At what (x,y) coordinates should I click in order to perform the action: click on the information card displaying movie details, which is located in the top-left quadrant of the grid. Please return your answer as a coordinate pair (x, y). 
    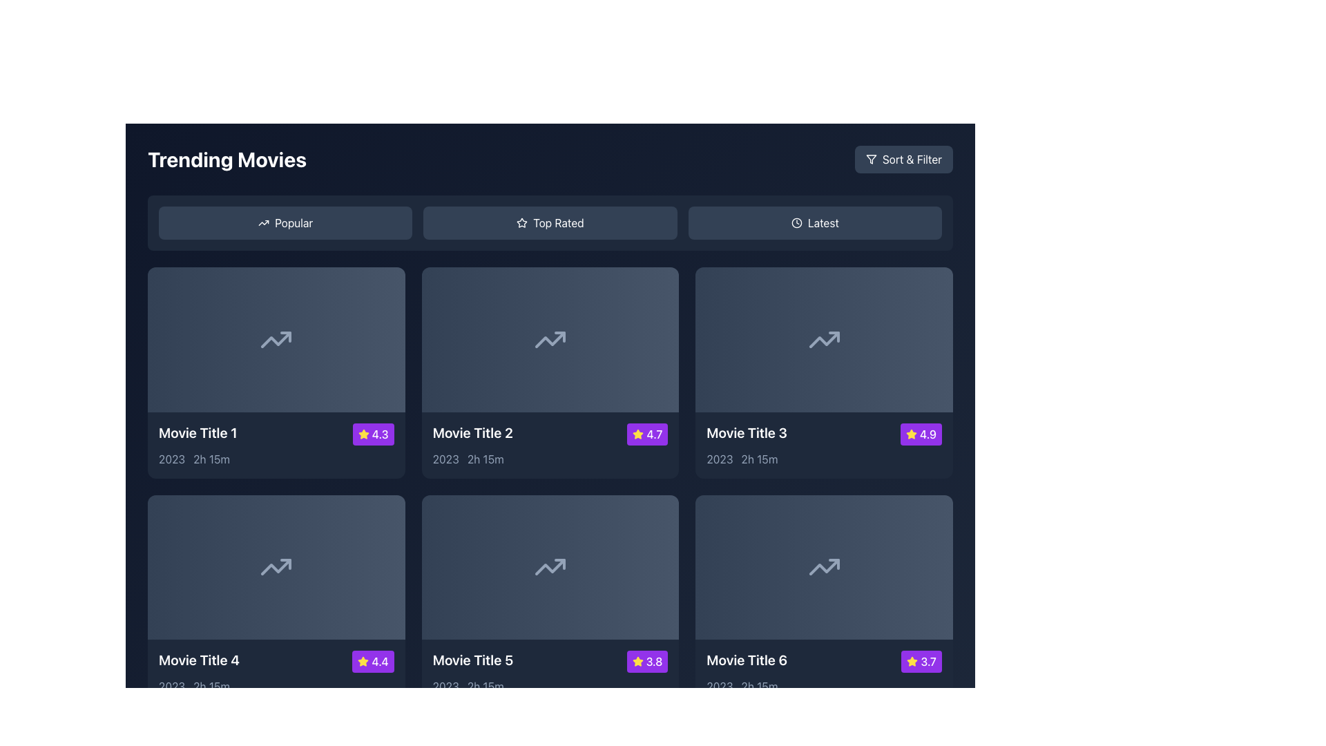
    Looking at the image, I should click on (276, 445).